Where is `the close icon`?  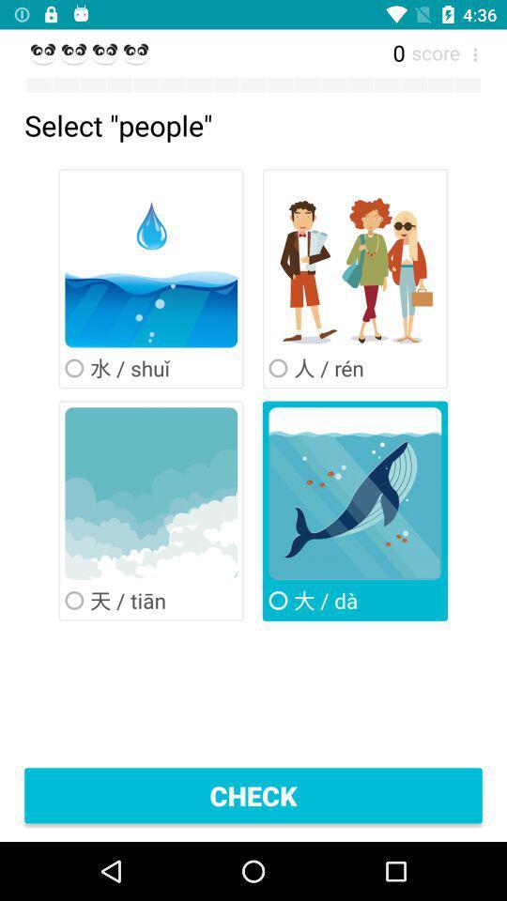
the close icon is located at coordinates (410, 618).